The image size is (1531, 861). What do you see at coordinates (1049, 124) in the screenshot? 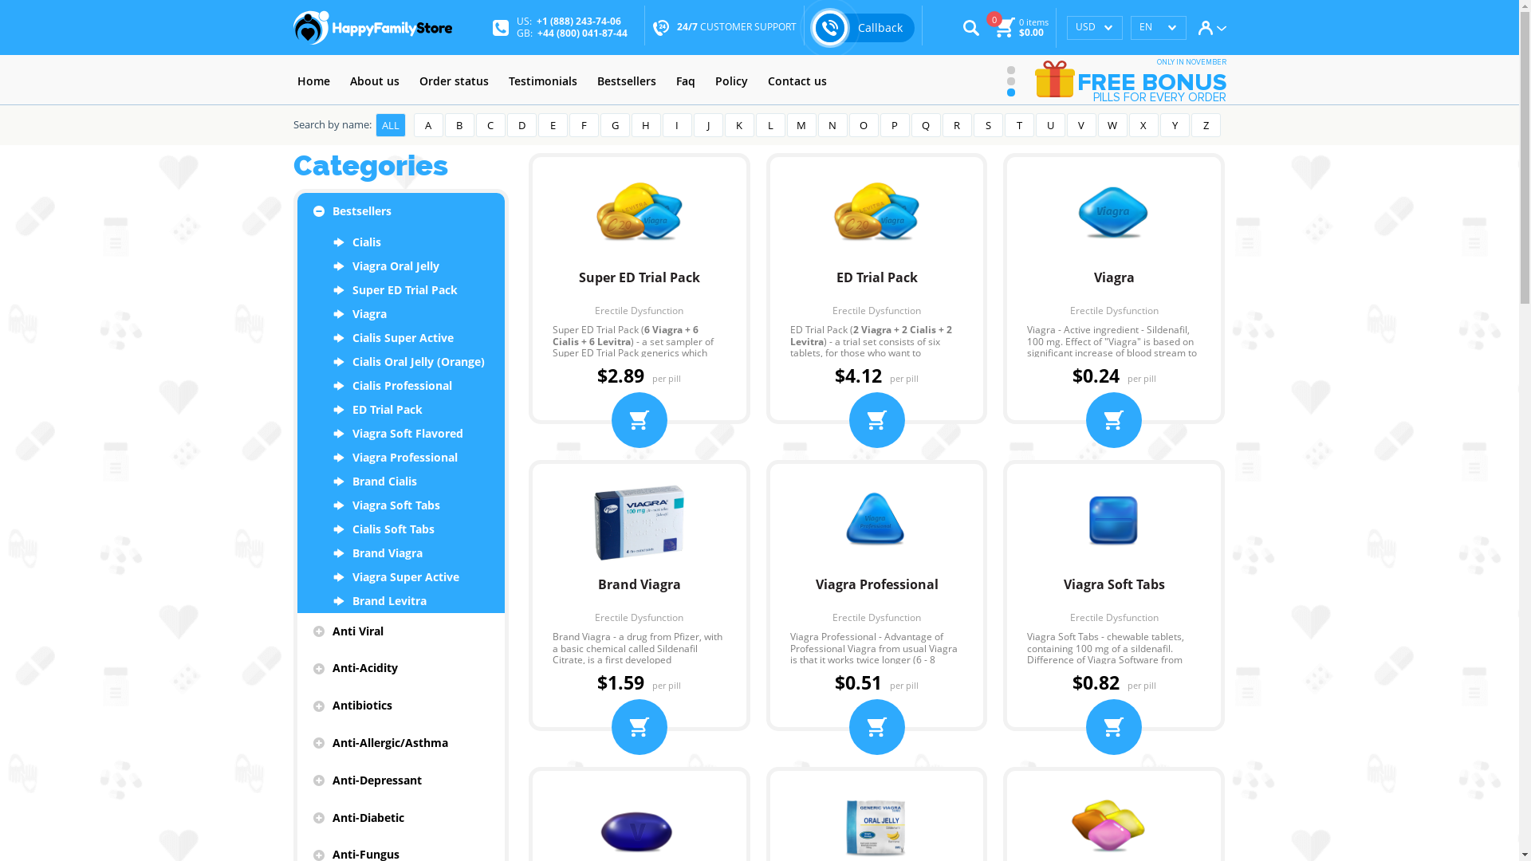
I see `'U'` at bounding box center [1049, 124].